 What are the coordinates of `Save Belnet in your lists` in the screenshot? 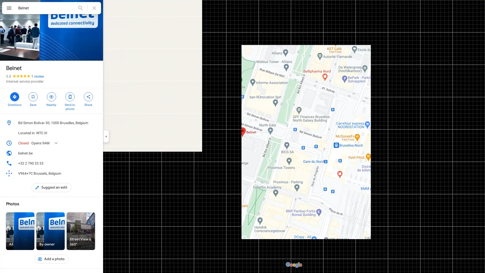 It's located at (33, 99).